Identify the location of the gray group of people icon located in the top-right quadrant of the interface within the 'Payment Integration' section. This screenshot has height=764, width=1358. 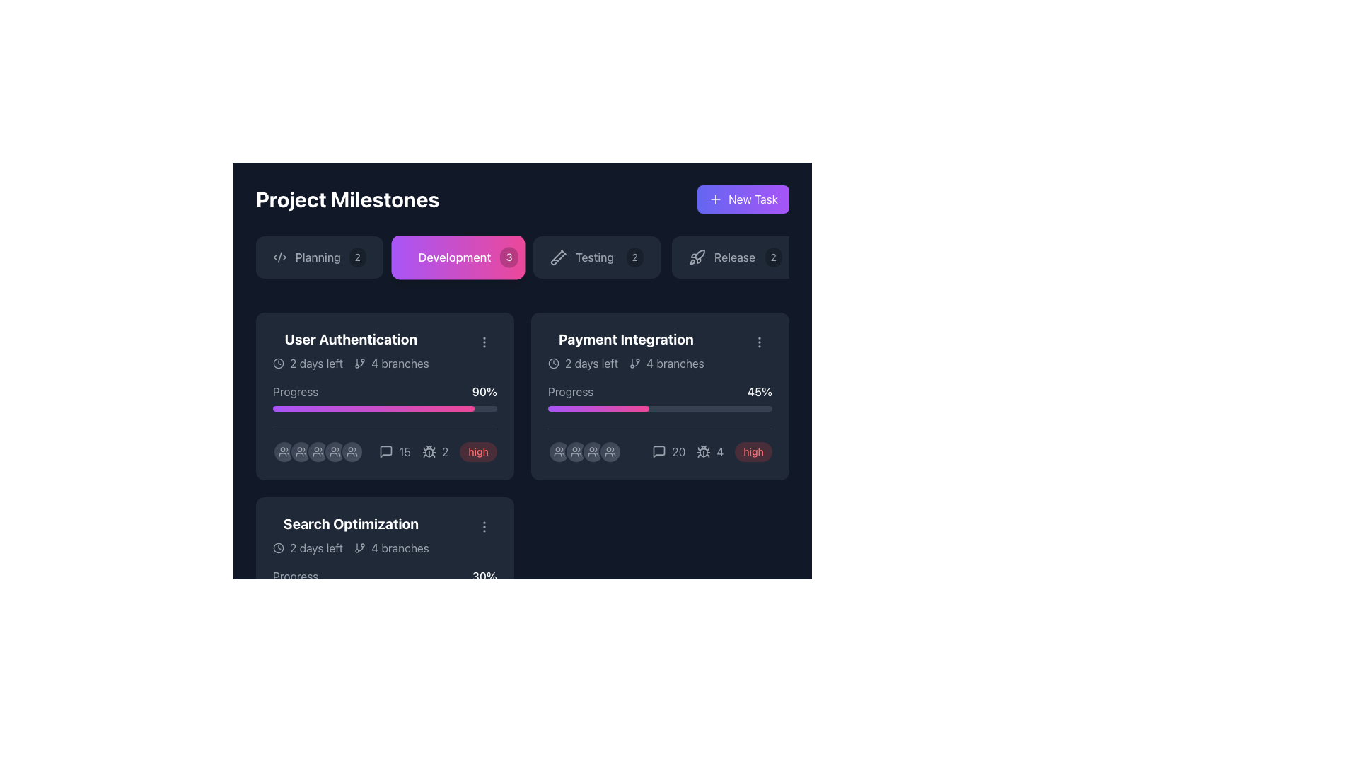
(610, 452).